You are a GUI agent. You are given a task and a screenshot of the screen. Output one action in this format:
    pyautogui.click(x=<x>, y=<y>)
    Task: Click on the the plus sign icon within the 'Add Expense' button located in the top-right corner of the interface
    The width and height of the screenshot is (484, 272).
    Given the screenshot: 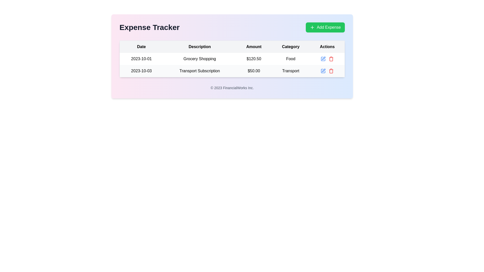 What is the action you would take?
    pyautogui.click(x=312, y=27)
    